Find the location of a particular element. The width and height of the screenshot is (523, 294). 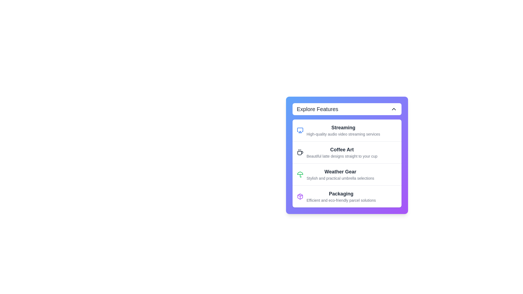

descriptive text element located immediately below the 'Streaming' heading, which provides context about high-quality audio and video streaming services is located at coordinates (343, 134).